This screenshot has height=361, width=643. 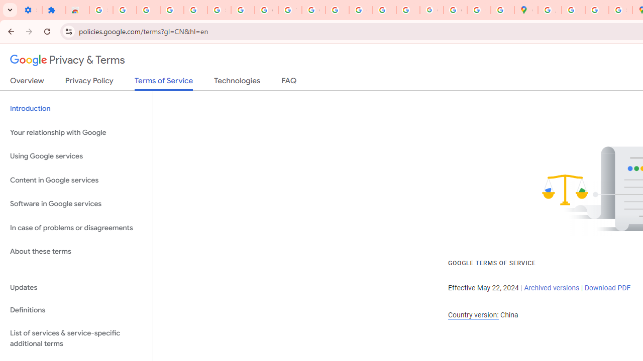 I want to click on 'Using Google services', so click(x=76, y=156).